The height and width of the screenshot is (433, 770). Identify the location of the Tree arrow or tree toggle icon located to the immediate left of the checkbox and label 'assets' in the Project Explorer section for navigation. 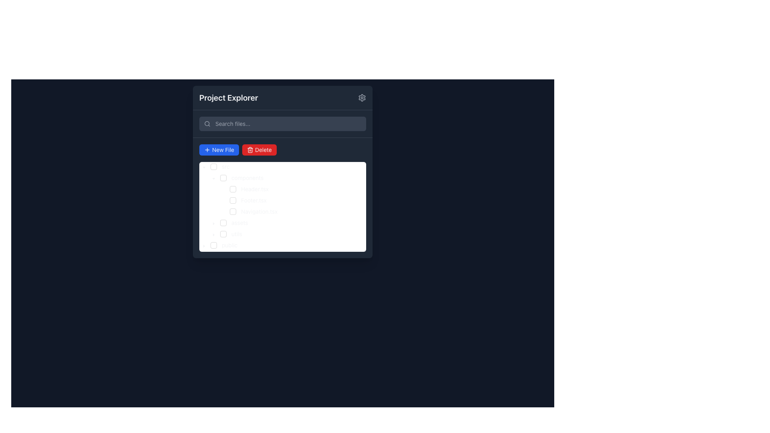
(213, 223).